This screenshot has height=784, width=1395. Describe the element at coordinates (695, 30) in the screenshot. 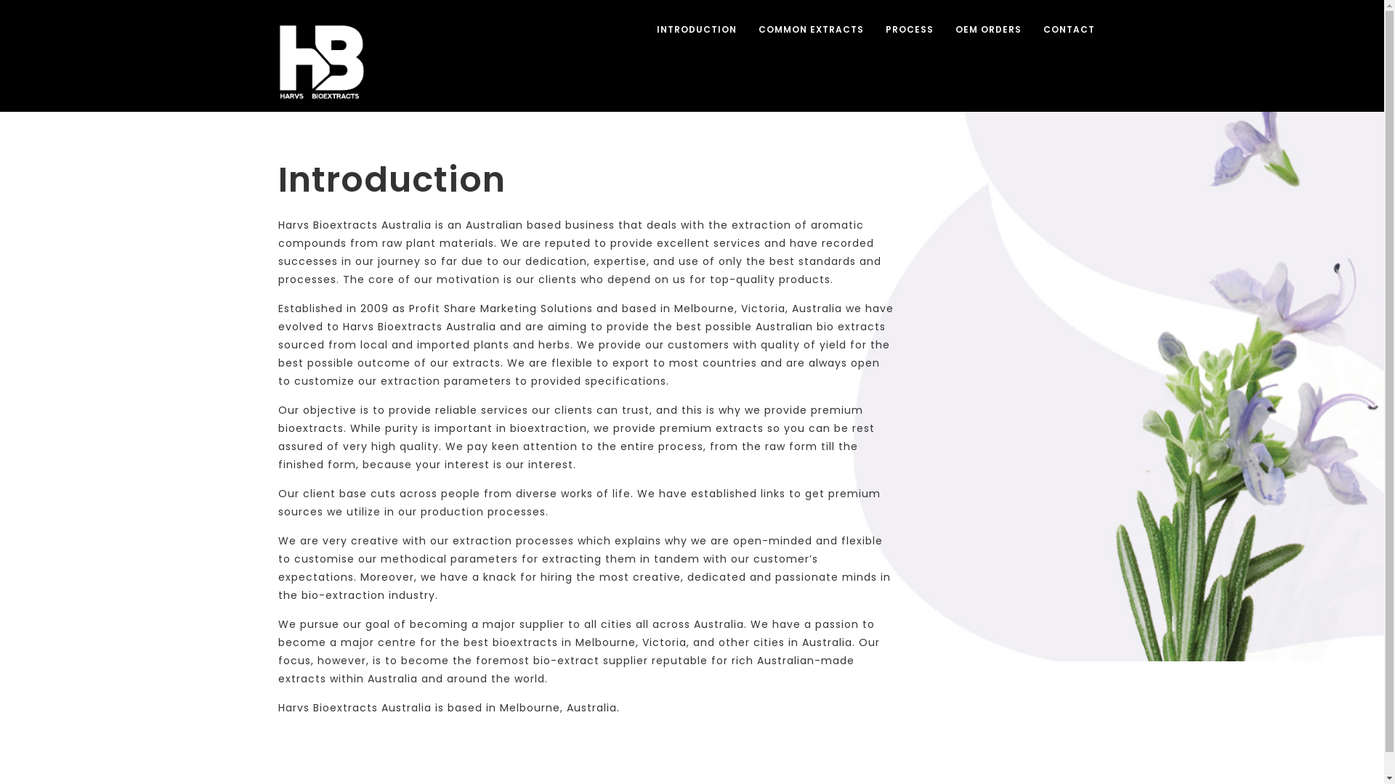

I see `'INTRODUCTION'` at that location.